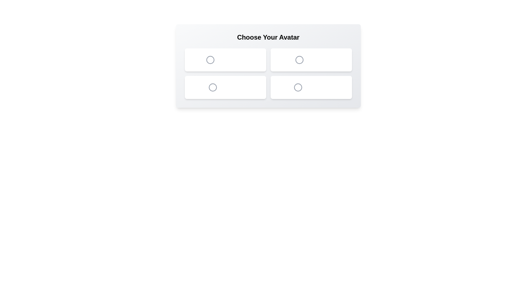  I want to click on the circular icon with a thin gray stroke located within the 'Guardian' card, positioned at the center-left below the card's label text 'Guardian', so click(212, 87).